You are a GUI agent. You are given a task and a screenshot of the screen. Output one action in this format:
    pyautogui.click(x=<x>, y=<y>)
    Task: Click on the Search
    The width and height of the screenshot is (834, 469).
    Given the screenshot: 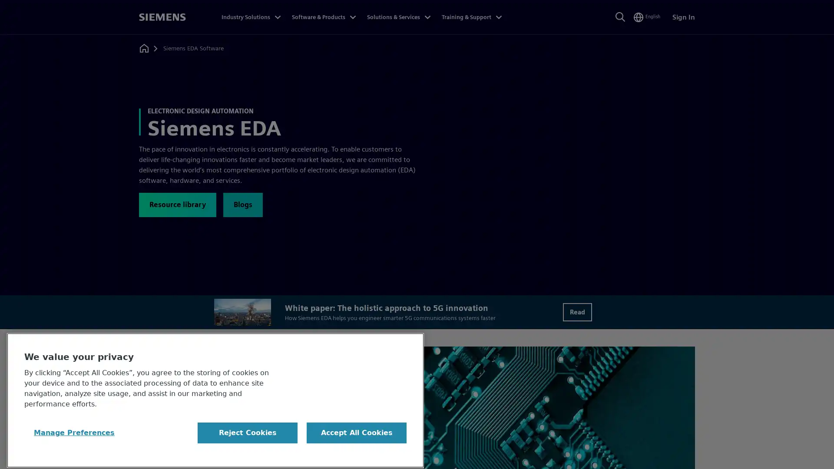 What is the action you would take?
    pyautogui.click(x=619, y=17)
    